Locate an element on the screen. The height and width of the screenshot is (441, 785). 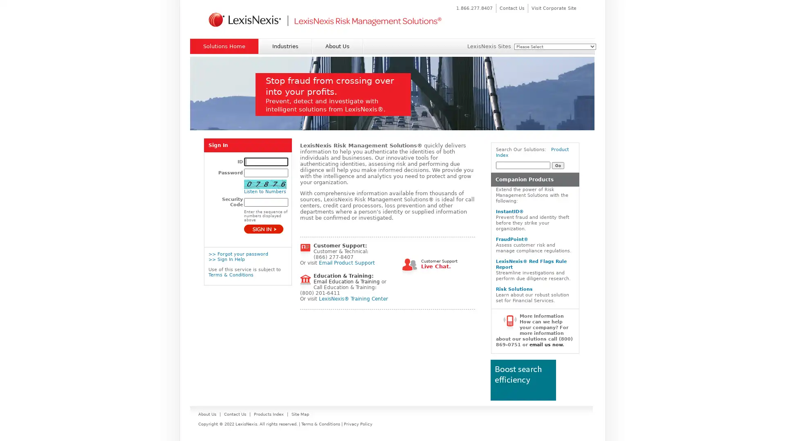
Go is located at coordinates (557, 165).